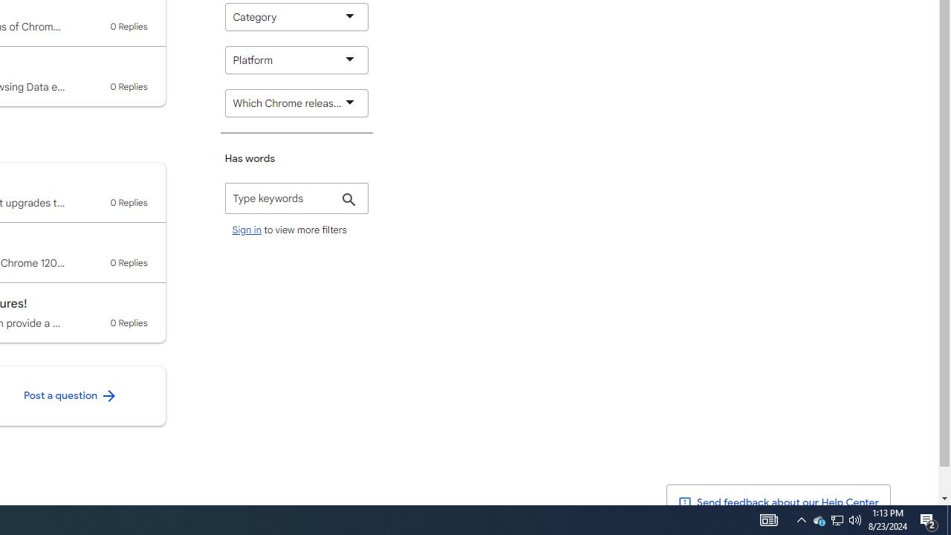 The image size is (951, 535). I want to click on 'Platform', so click(296, 59).